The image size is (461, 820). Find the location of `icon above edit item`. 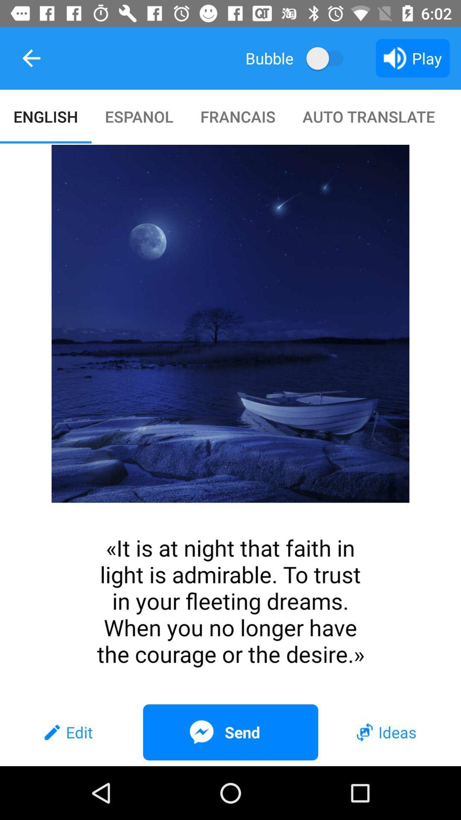

icon above edit item is located at coordinates (230, 422).